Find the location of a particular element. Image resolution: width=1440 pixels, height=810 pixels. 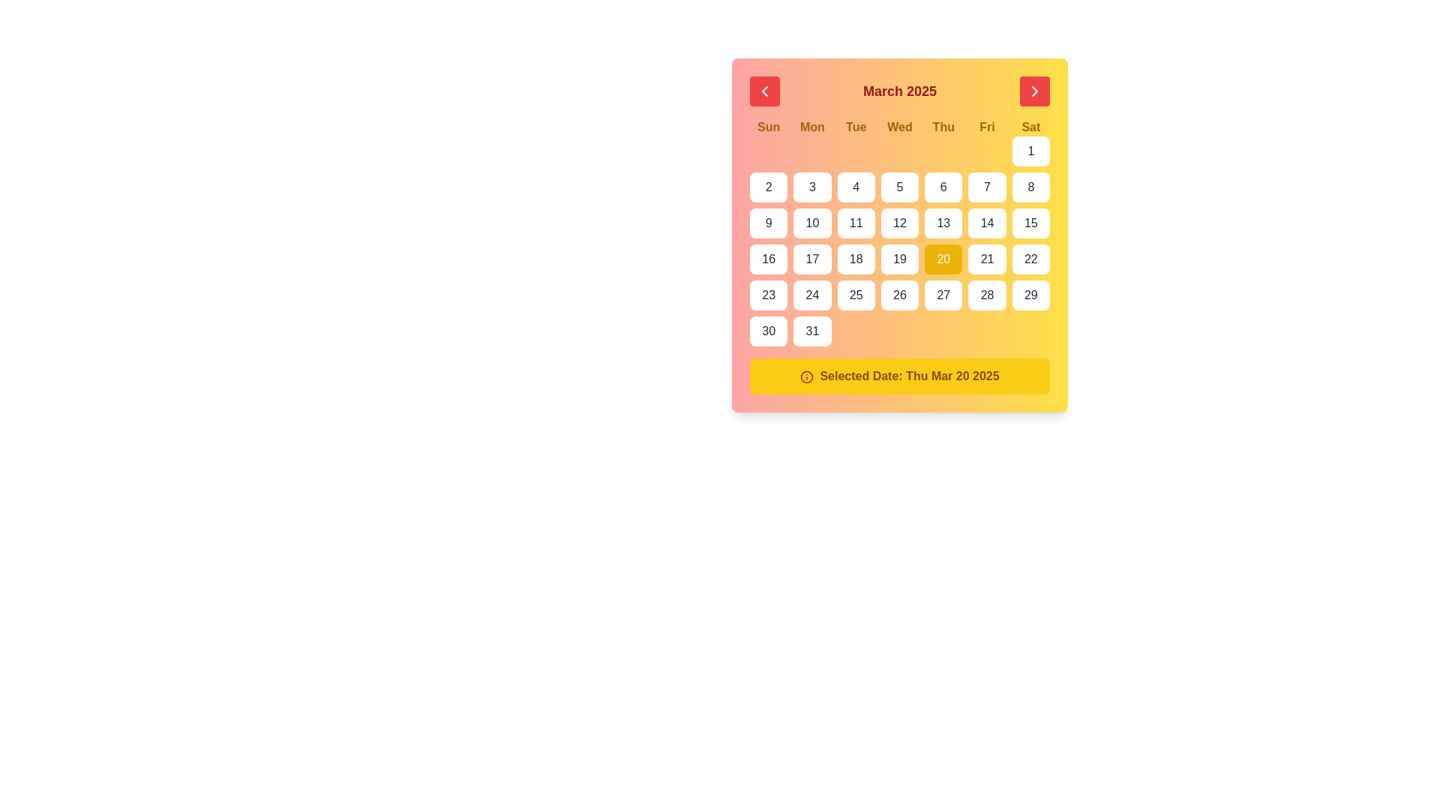

the button representing the numeric date '21' in the calendar interface is located at coordinates (987, 259).